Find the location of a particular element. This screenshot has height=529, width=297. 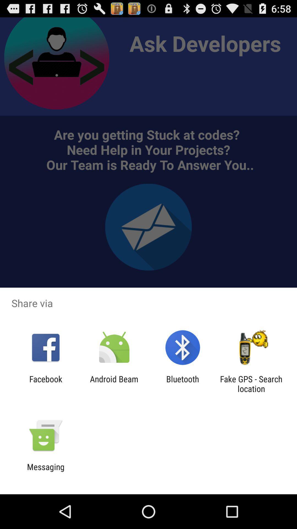

icon next to facebook icon is located at coordinates (114, 384).